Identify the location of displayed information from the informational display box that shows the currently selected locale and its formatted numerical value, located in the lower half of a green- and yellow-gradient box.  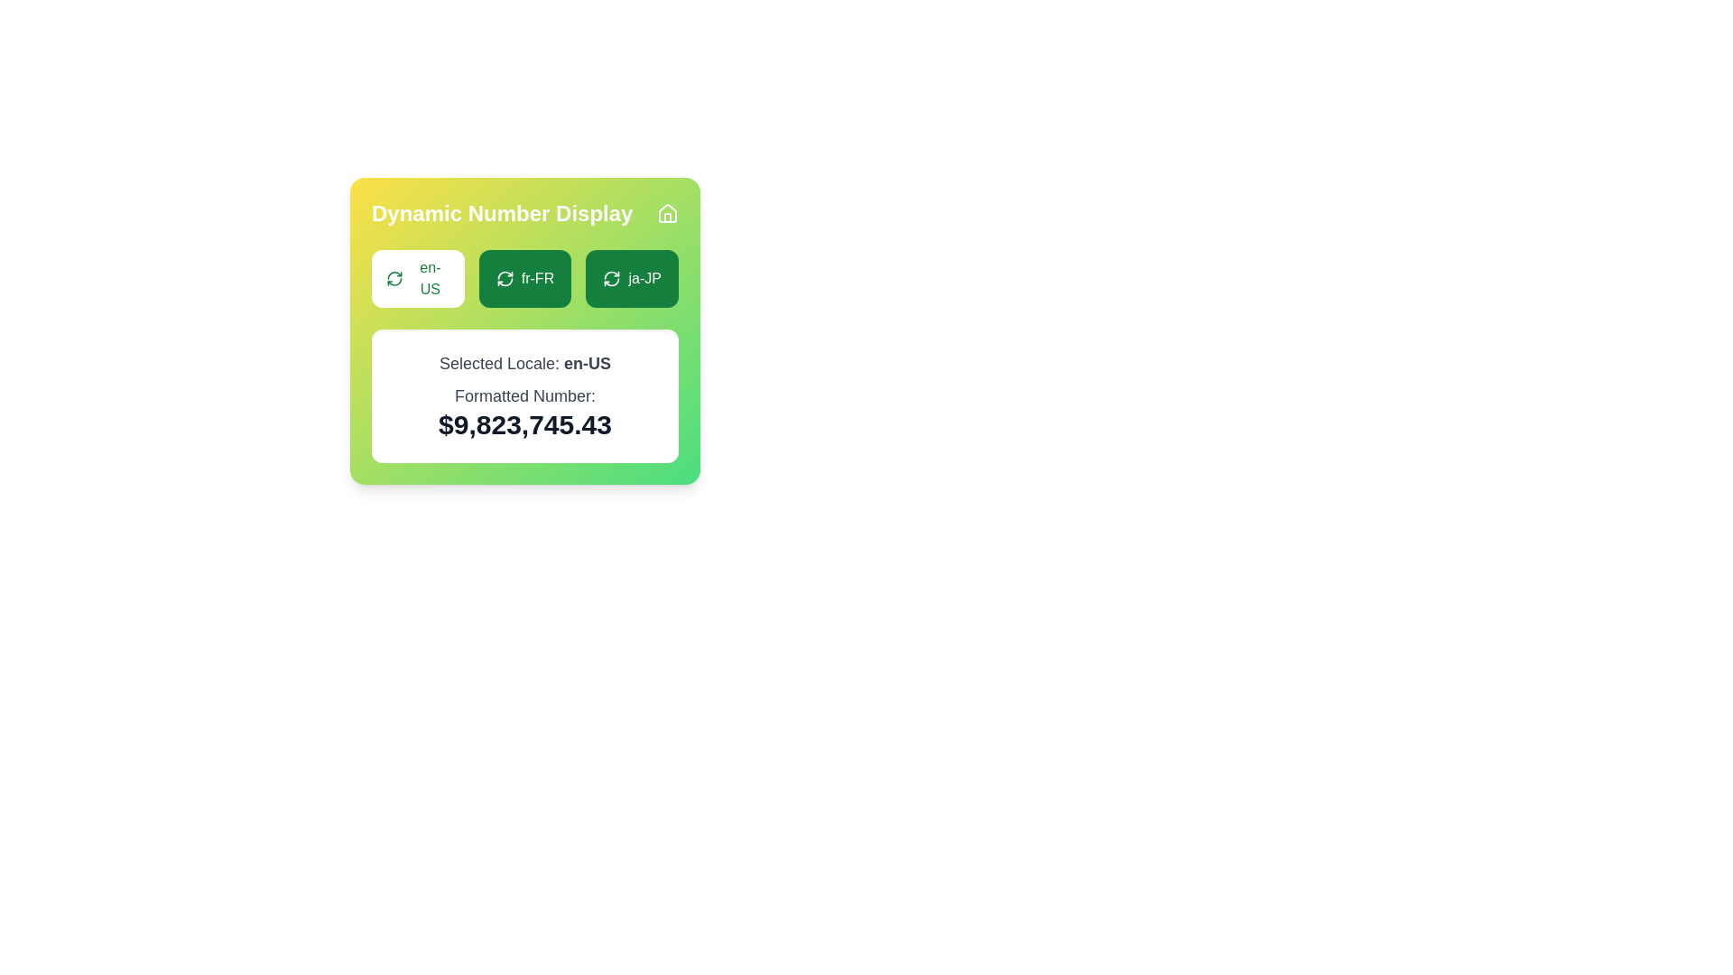
(524, 340).